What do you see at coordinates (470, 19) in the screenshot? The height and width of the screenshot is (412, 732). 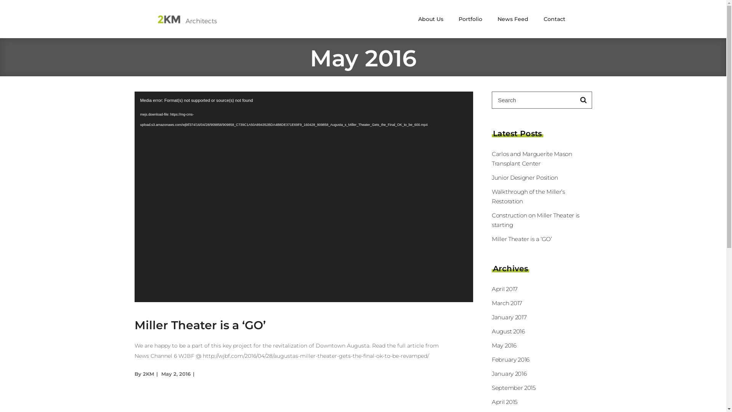 I see `'Portfolio'` at bounding box center [470, 19].